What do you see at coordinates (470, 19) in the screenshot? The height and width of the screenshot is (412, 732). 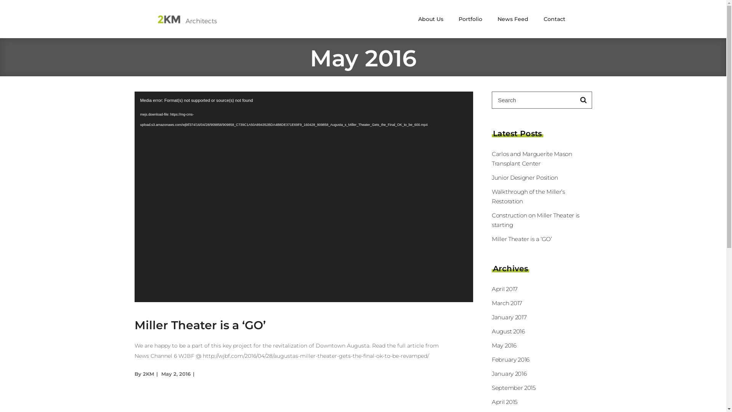 I see `'Portfolio'` at bounding box center [470, 19].